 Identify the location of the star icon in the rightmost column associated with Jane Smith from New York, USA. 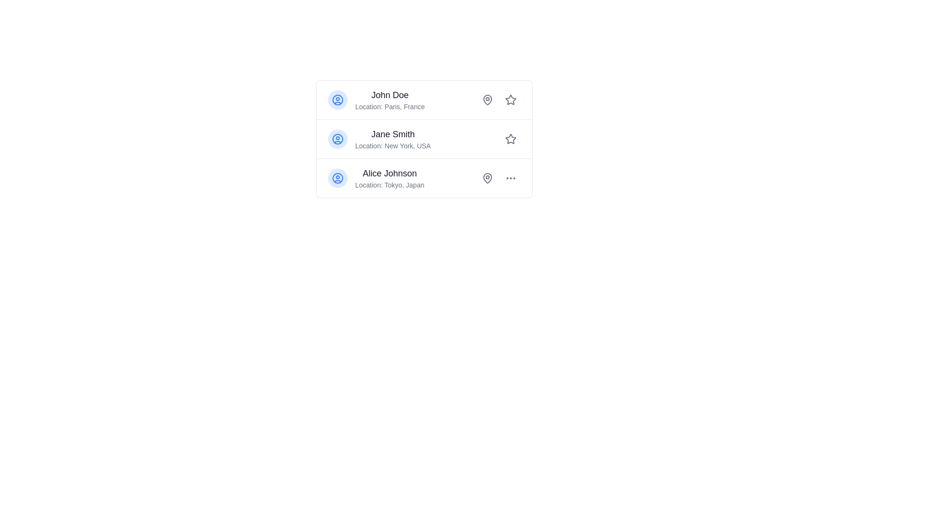
(510, 139).